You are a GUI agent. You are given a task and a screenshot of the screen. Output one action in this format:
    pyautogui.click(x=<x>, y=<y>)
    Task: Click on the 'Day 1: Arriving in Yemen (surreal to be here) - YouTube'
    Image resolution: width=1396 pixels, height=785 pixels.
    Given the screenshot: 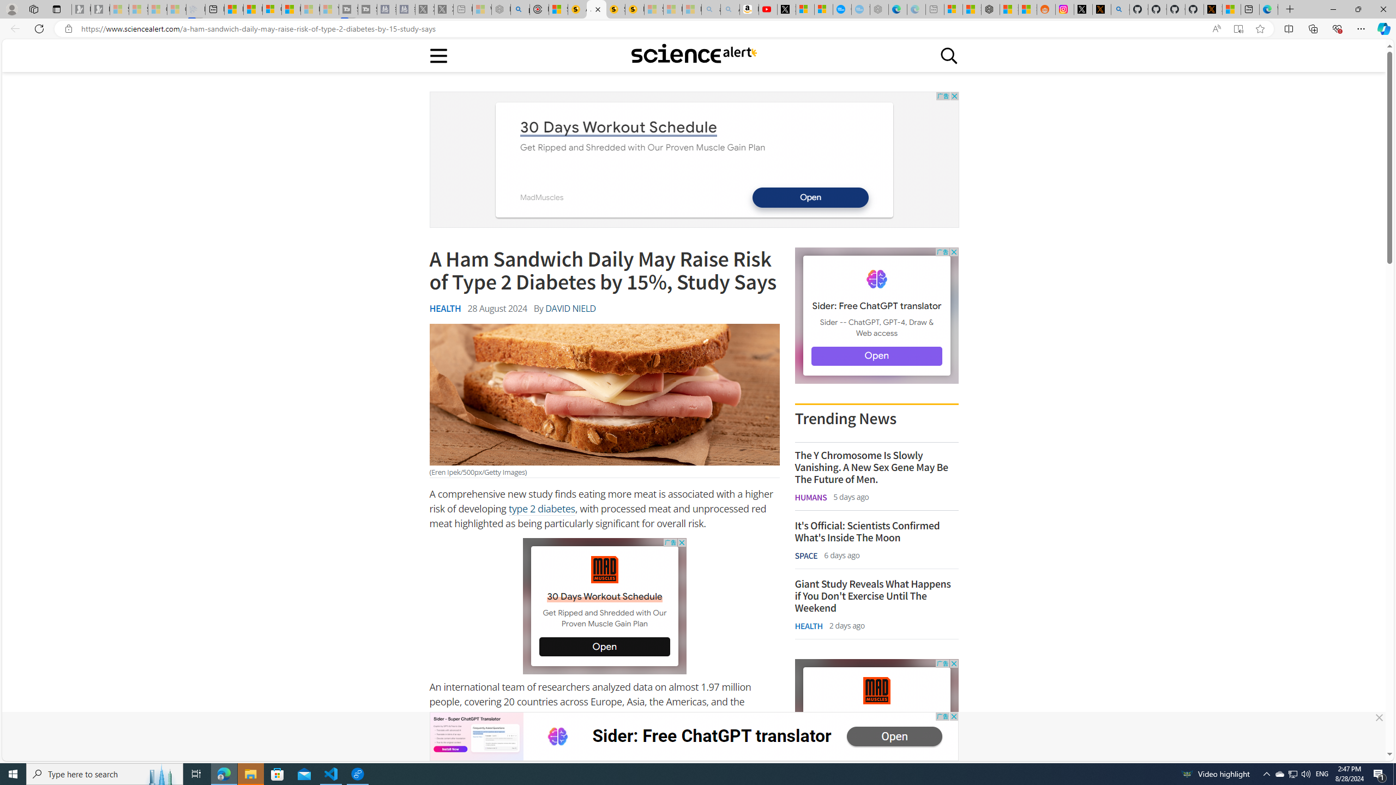 What is the action you would take?
    pyautogui.click(x=767, y=9)
    